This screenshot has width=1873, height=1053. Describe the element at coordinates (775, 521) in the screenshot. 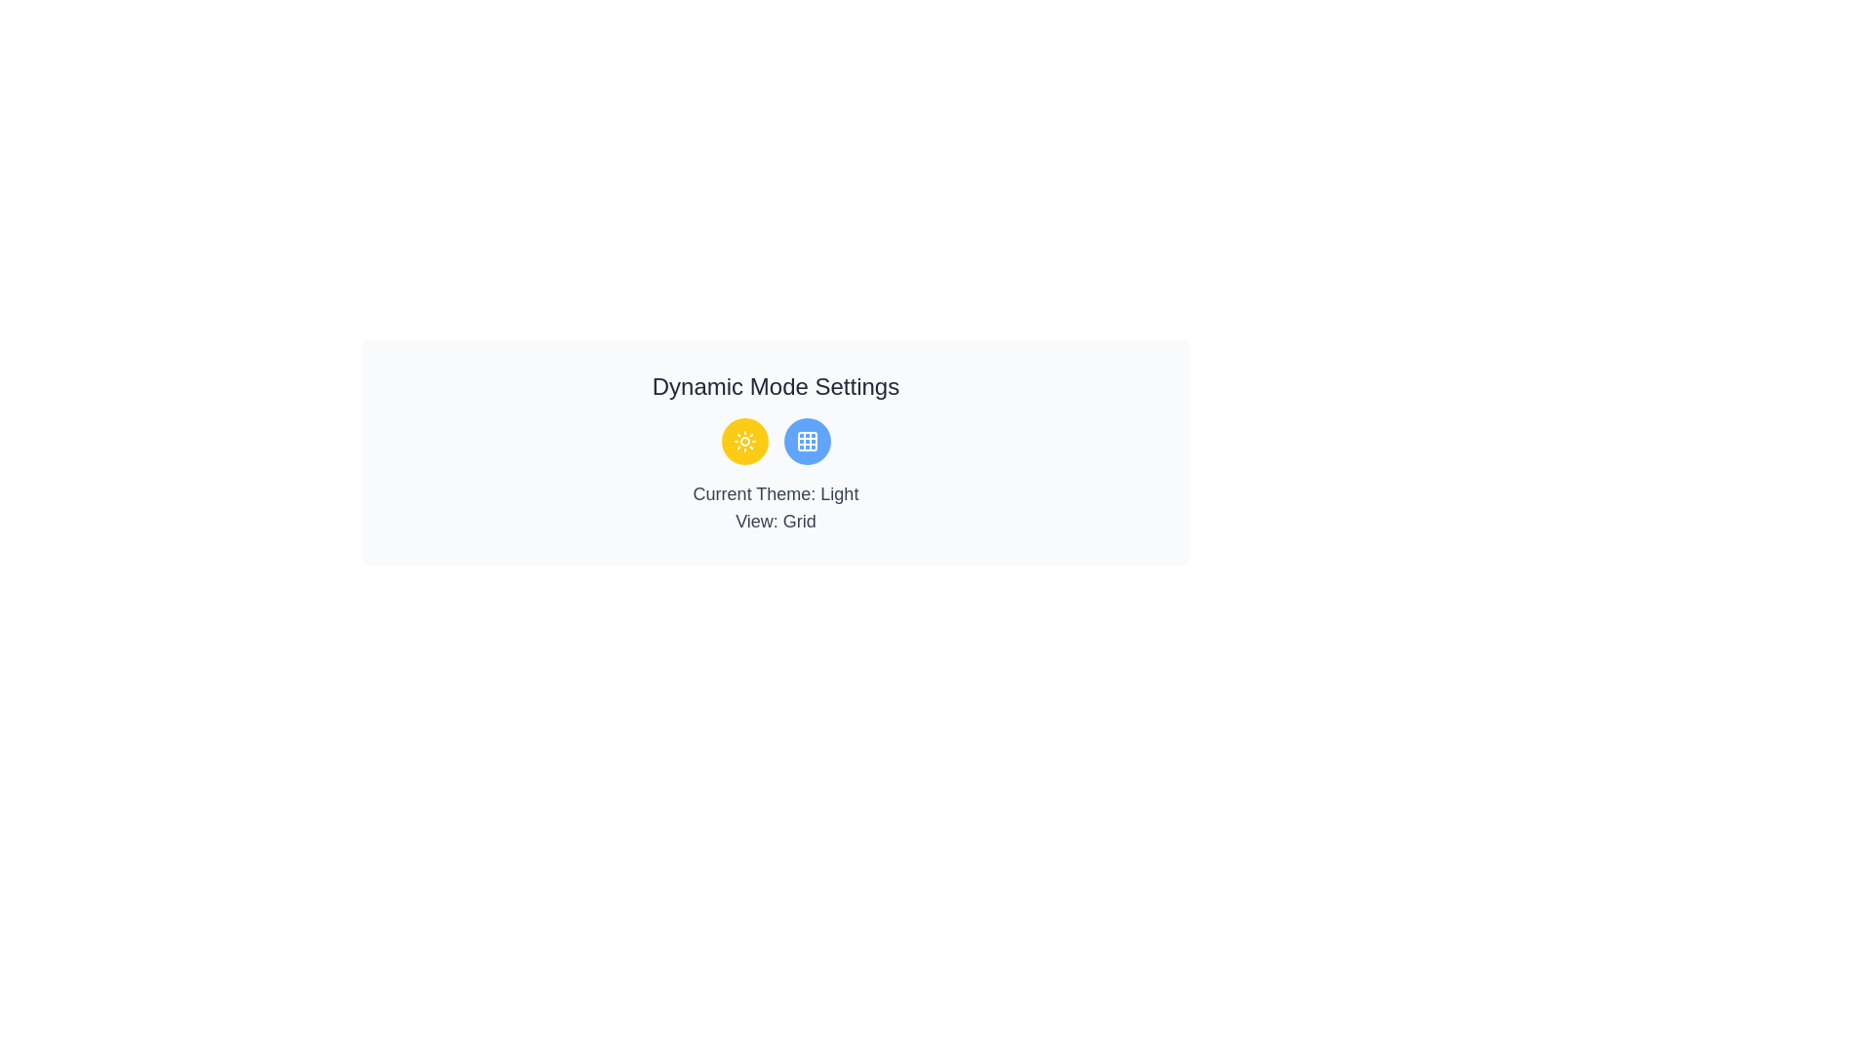

I see `the text label displaying 'View: Grid' which is positioned below 'Current Theme: Light' in a clean layout` at that location.